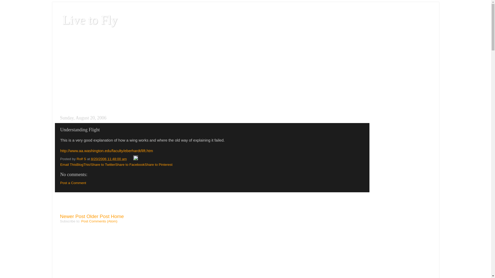 The width and height of the screenshot is (495, 278). Describe the element at coordinates (60, 164) in the screenshot. I see `'Email This'` at that location.